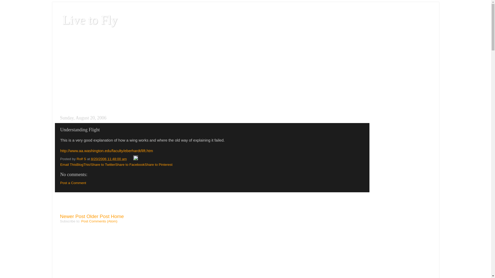 The width and height of the screenshot is (495, 278). Describe the element at coordinates (60, 164) in the screenshot. I see `'Email This'` at that location.